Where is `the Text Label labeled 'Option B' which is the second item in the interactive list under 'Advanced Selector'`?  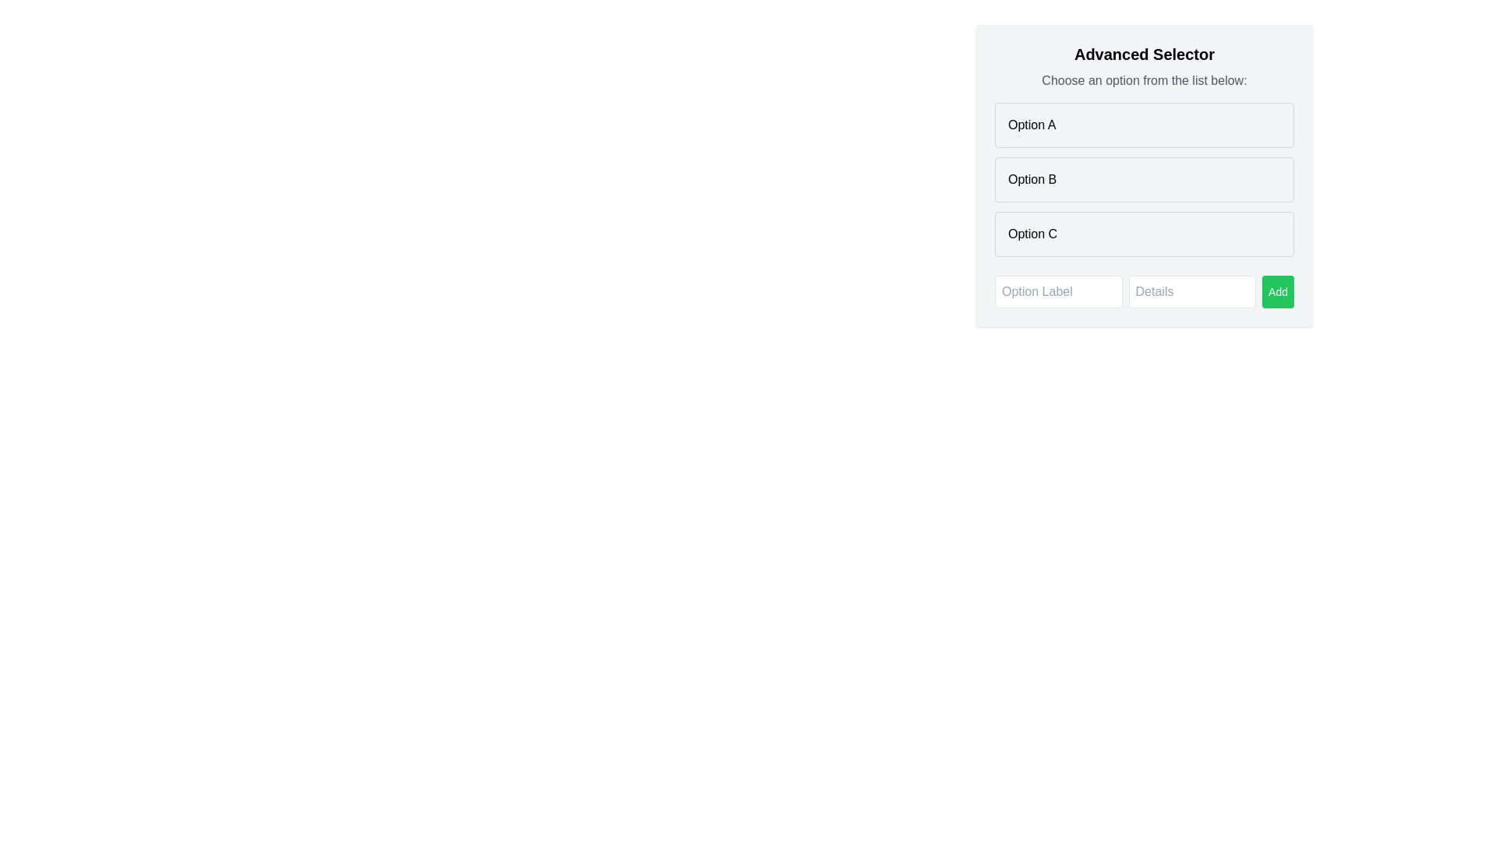 the Text Label labeled 'Option B' which is the second item in the interactive list under 'Advanced Selector' is located at coordinates (1032, 179).